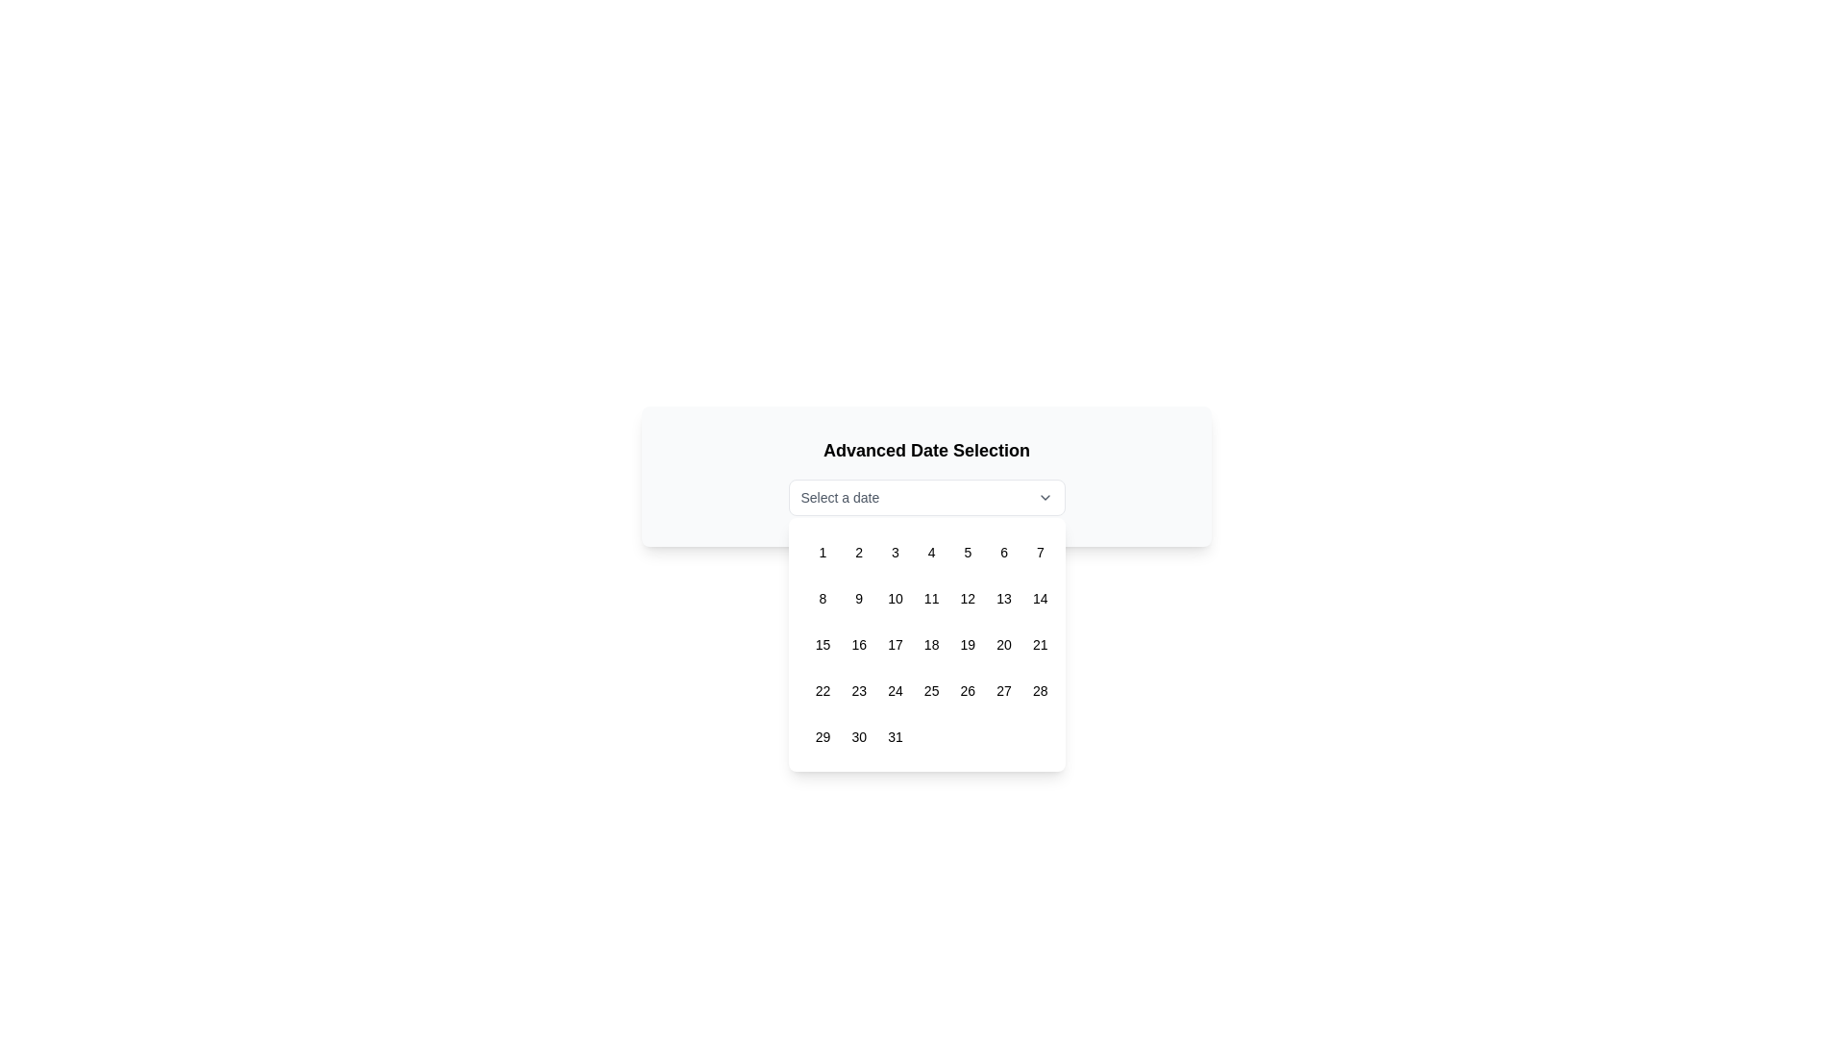  Describe the element at coordinates (1039, 645) in the screenshot. I see `the button representing day '21' in the calendar interface` at that location.